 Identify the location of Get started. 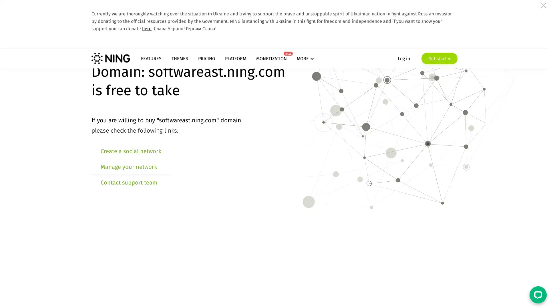
(439, 58).